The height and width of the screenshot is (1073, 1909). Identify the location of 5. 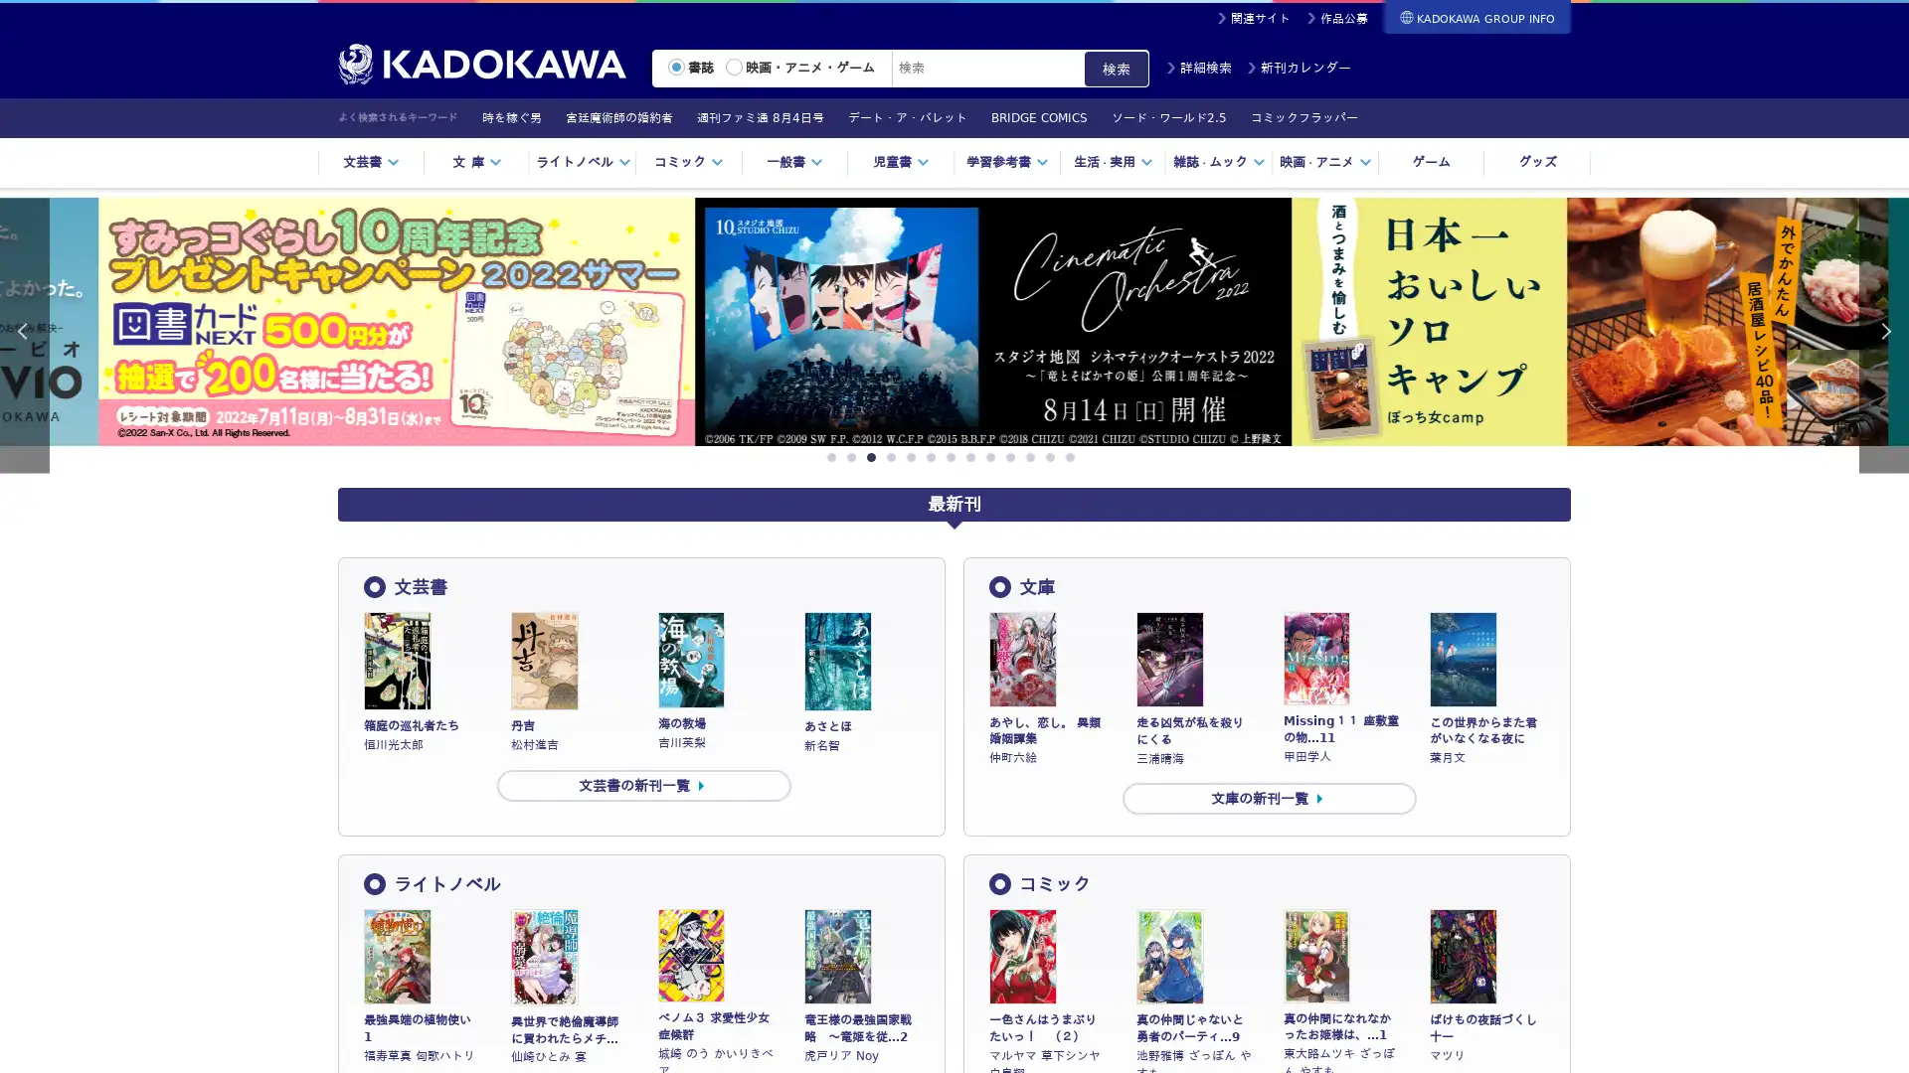
(914, 458).